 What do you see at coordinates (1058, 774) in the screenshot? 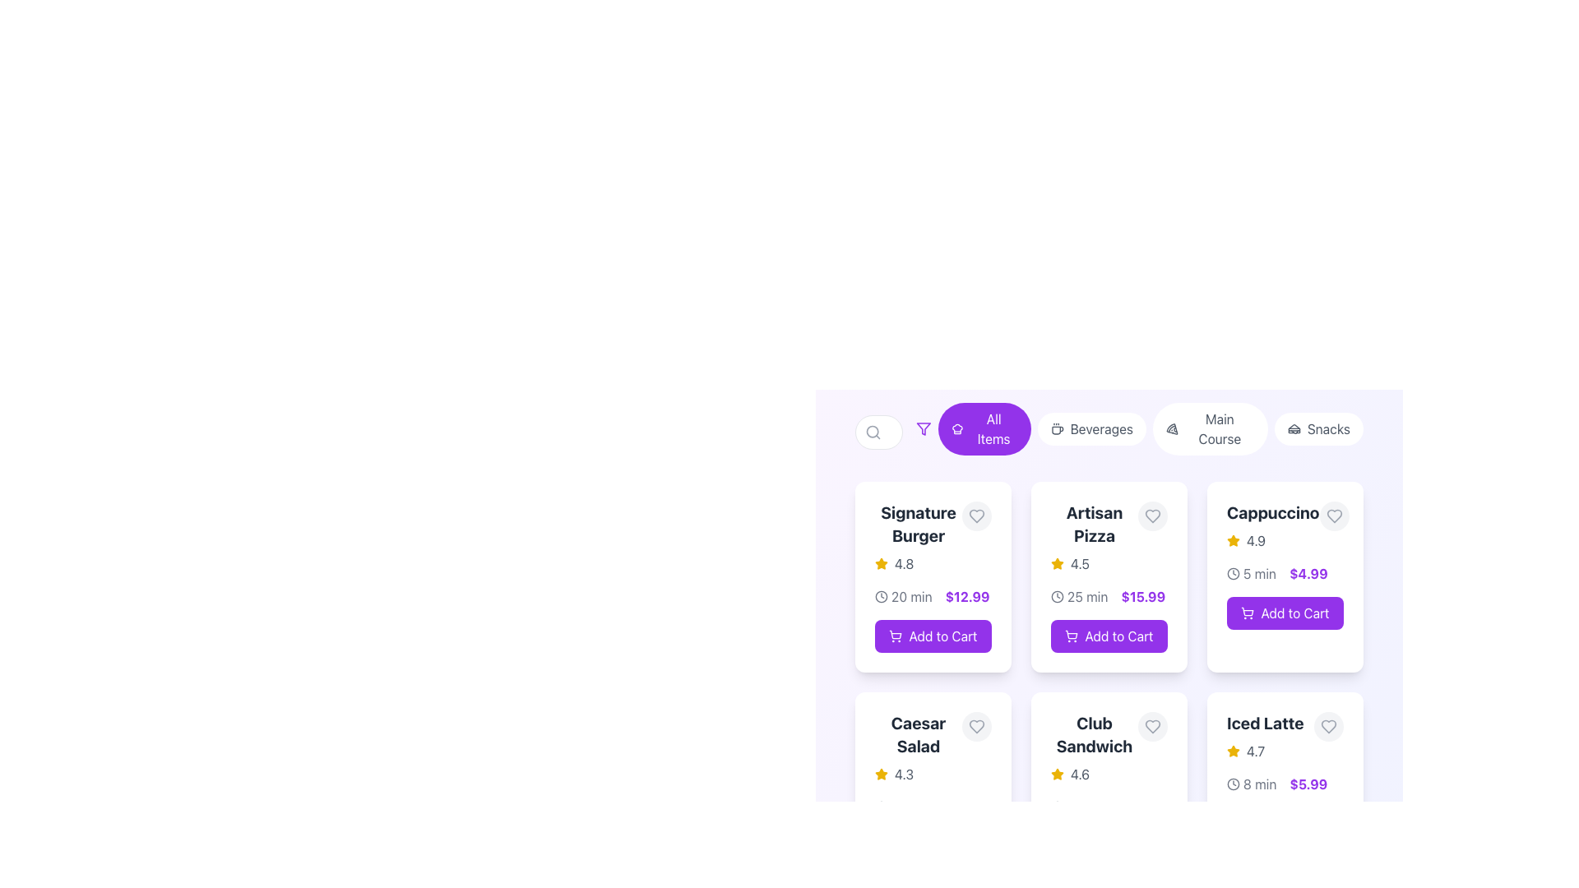
I see `the star icon located at the top left corner of the 'Cappuccino' card, which serves as an indicator for rating or favorite items` at bounding box center [1058, 774].